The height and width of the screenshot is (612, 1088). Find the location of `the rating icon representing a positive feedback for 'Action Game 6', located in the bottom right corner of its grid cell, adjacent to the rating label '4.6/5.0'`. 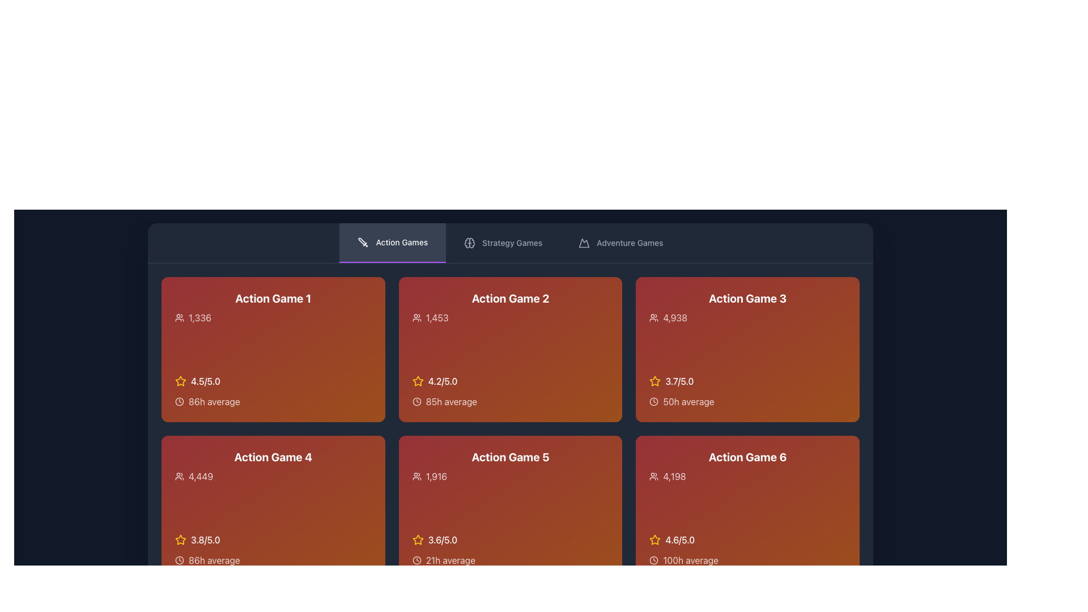

the rating icon representing a positive feedback for 'Action Game 6', located in the bottom right corner of its grid cell, adjacent to the rating label '4.6/5.0' is located at coordinates (655, 539).